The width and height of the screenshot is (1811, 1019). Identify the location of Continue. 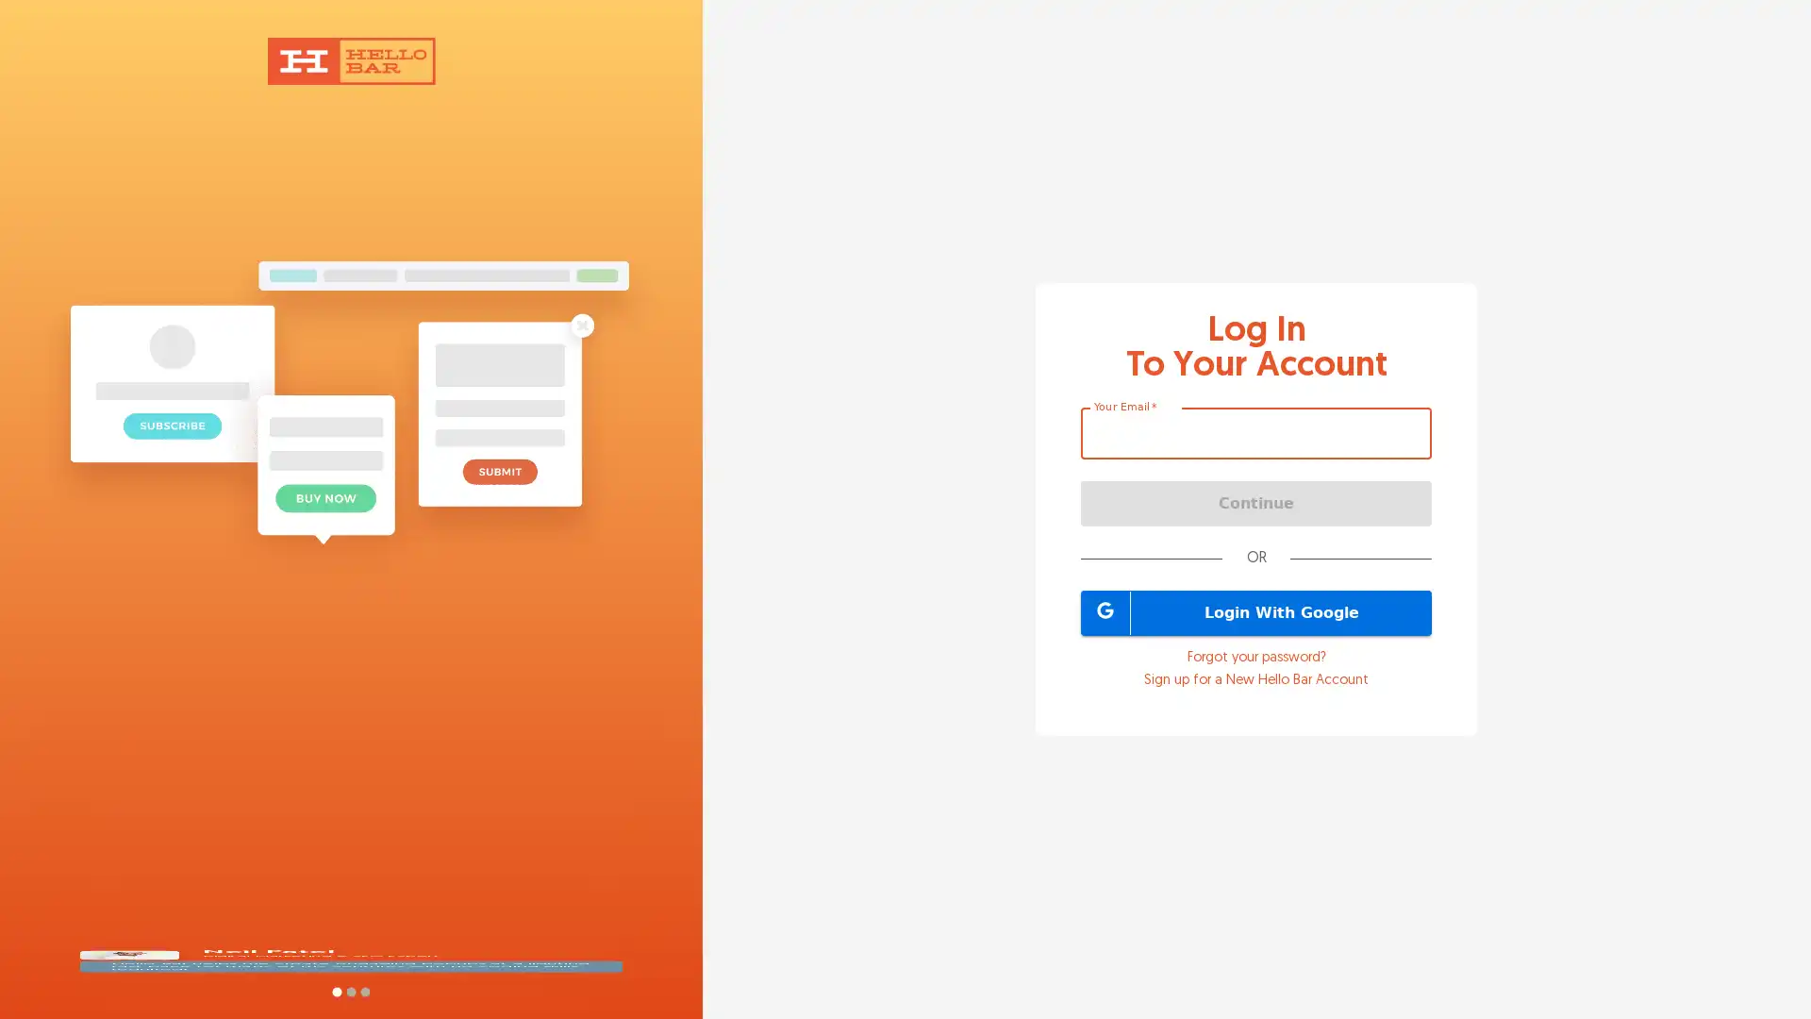
(1256, 501).